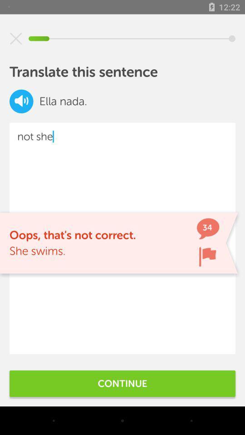 Image resolution: width=245 pixels, height=435 pixels. I want to click on cancel the process, so click(16, 39).